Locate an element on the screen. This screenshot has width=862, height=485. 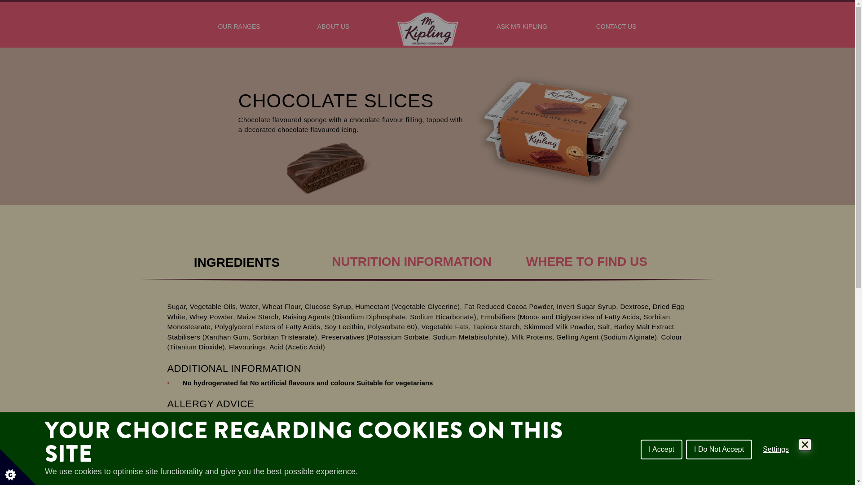
'CONTACT US' is located at coordinates (616, 31).